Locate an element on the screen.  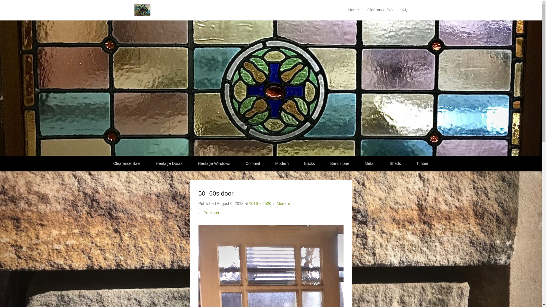
'Metal' is located at coordinates (369, 163).